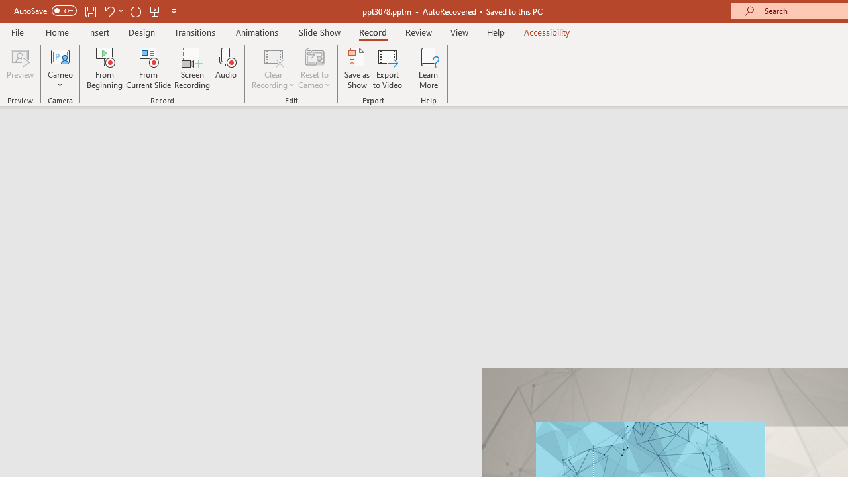  What do you see at coordinates (226, 68) in the screenshot?
I see `'Audio'` at bounding box center [226, 68].